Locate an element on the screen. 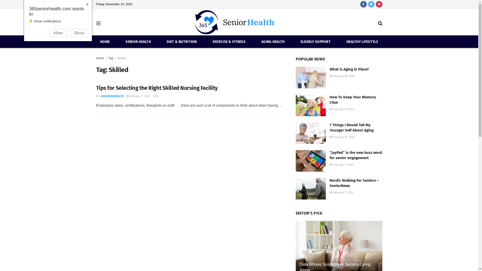 The image size is (482, 271). 'Block' is located at coordinates (70, 33).